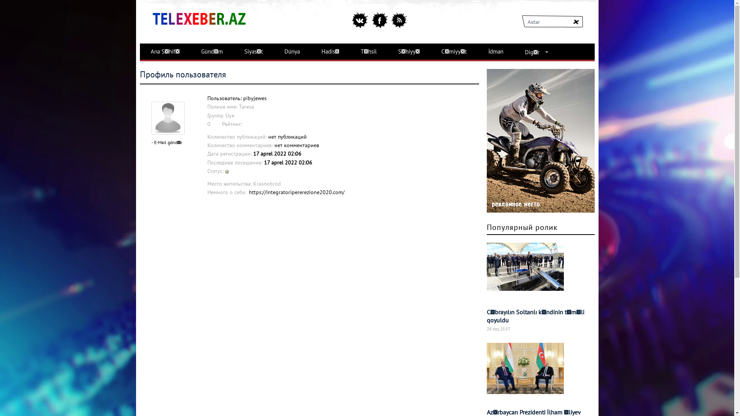 The height and width of the screenshot is (416, 740). What do you see at coordinates (379, 20) in the screenshot?
I see `'facebook'` at bounding box center [379, 20].